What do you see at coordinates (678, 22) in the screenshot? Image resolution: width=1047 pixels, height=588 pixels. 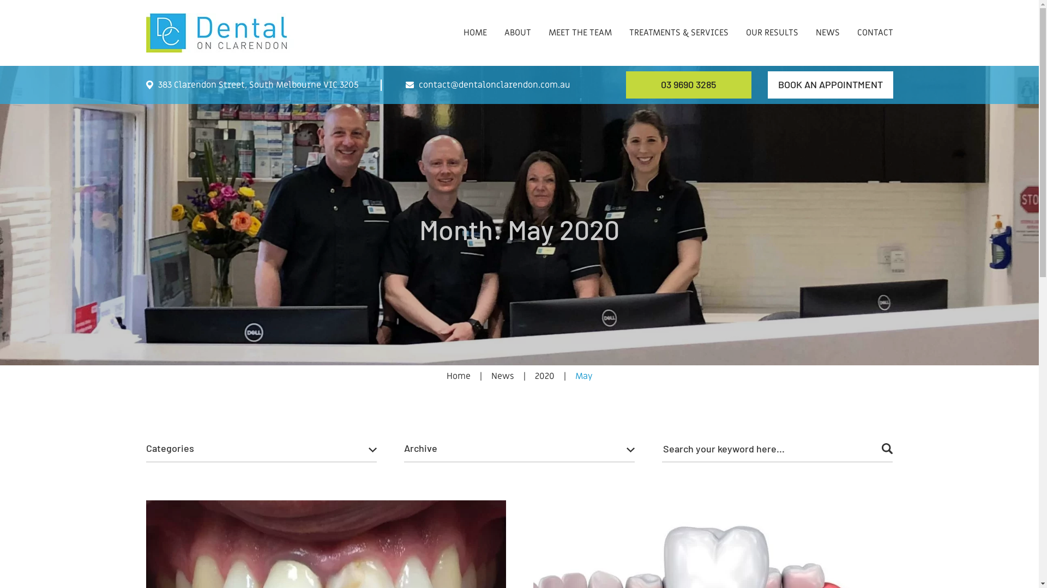 I see `'TREATMENTS & SERVICES'` at bounding box center [678, 22].